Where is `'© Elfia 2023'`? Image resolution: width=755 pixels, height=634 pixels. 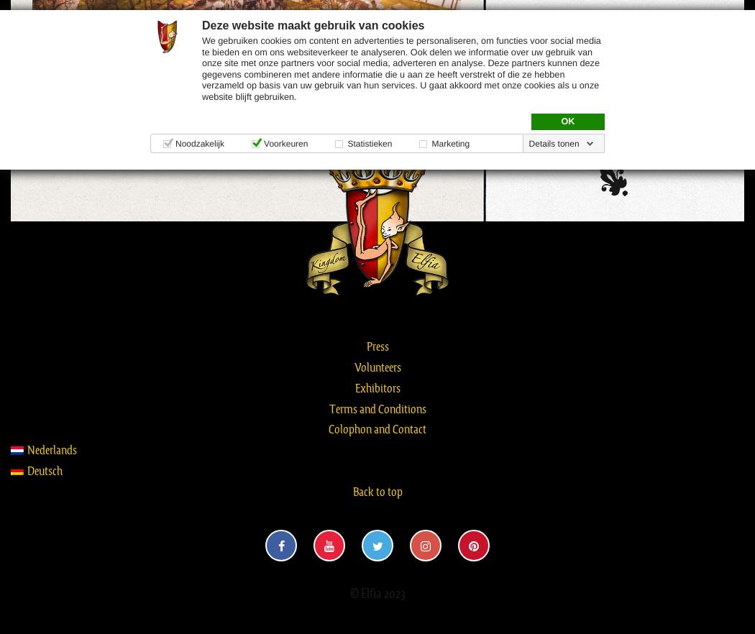
'© Elfia 2023' is located at coordinates (376, 592).